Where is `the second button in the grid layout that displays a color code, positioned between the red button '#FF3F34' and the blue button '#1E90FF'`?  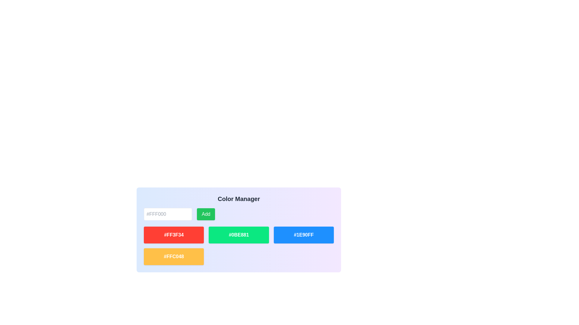 the second button in the grid layout that displays a color code, positioned between the red button '#FF3F34' and the blue button '#1E90FF' is located at coordinates (239, 234).